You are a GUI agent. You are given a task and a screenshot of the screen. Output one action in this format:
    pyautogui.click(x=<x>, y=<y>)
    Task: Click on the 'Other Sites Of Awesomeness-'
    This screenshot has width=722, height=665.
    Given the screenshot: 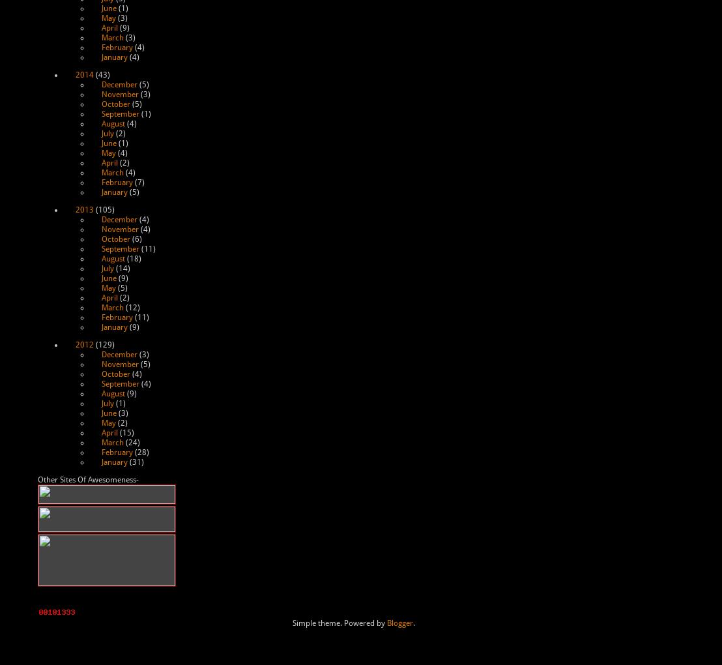 What is the action you would take?
    pyautogui.click(x=36, y=480)
    